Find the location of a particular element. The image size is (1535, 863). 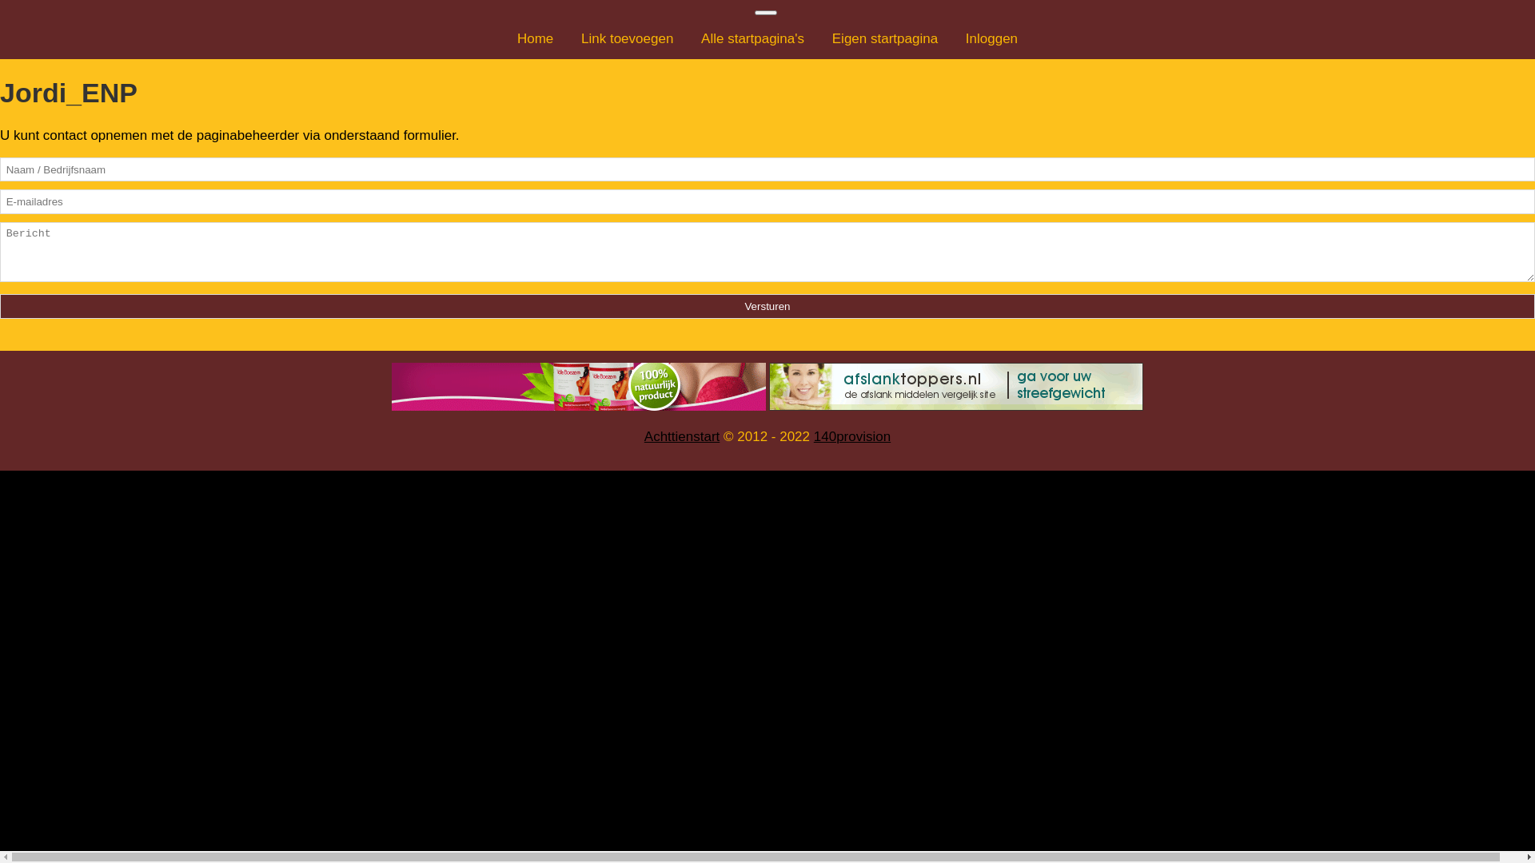

'Link toevoegen' is located at coordinates (626, 38).